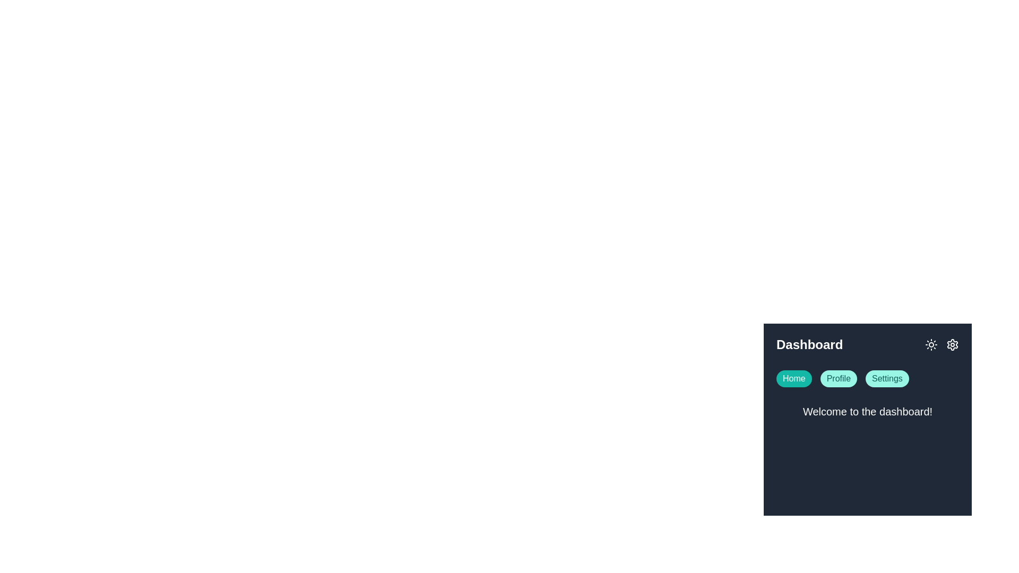 The height and width of the screenshot is (573, 1019). Describe the element at coordinates (953, 345) in the screenshot. I see `the Icon button located in the top-right corner of the interface, which provides access to settings or configuration options` at that location.